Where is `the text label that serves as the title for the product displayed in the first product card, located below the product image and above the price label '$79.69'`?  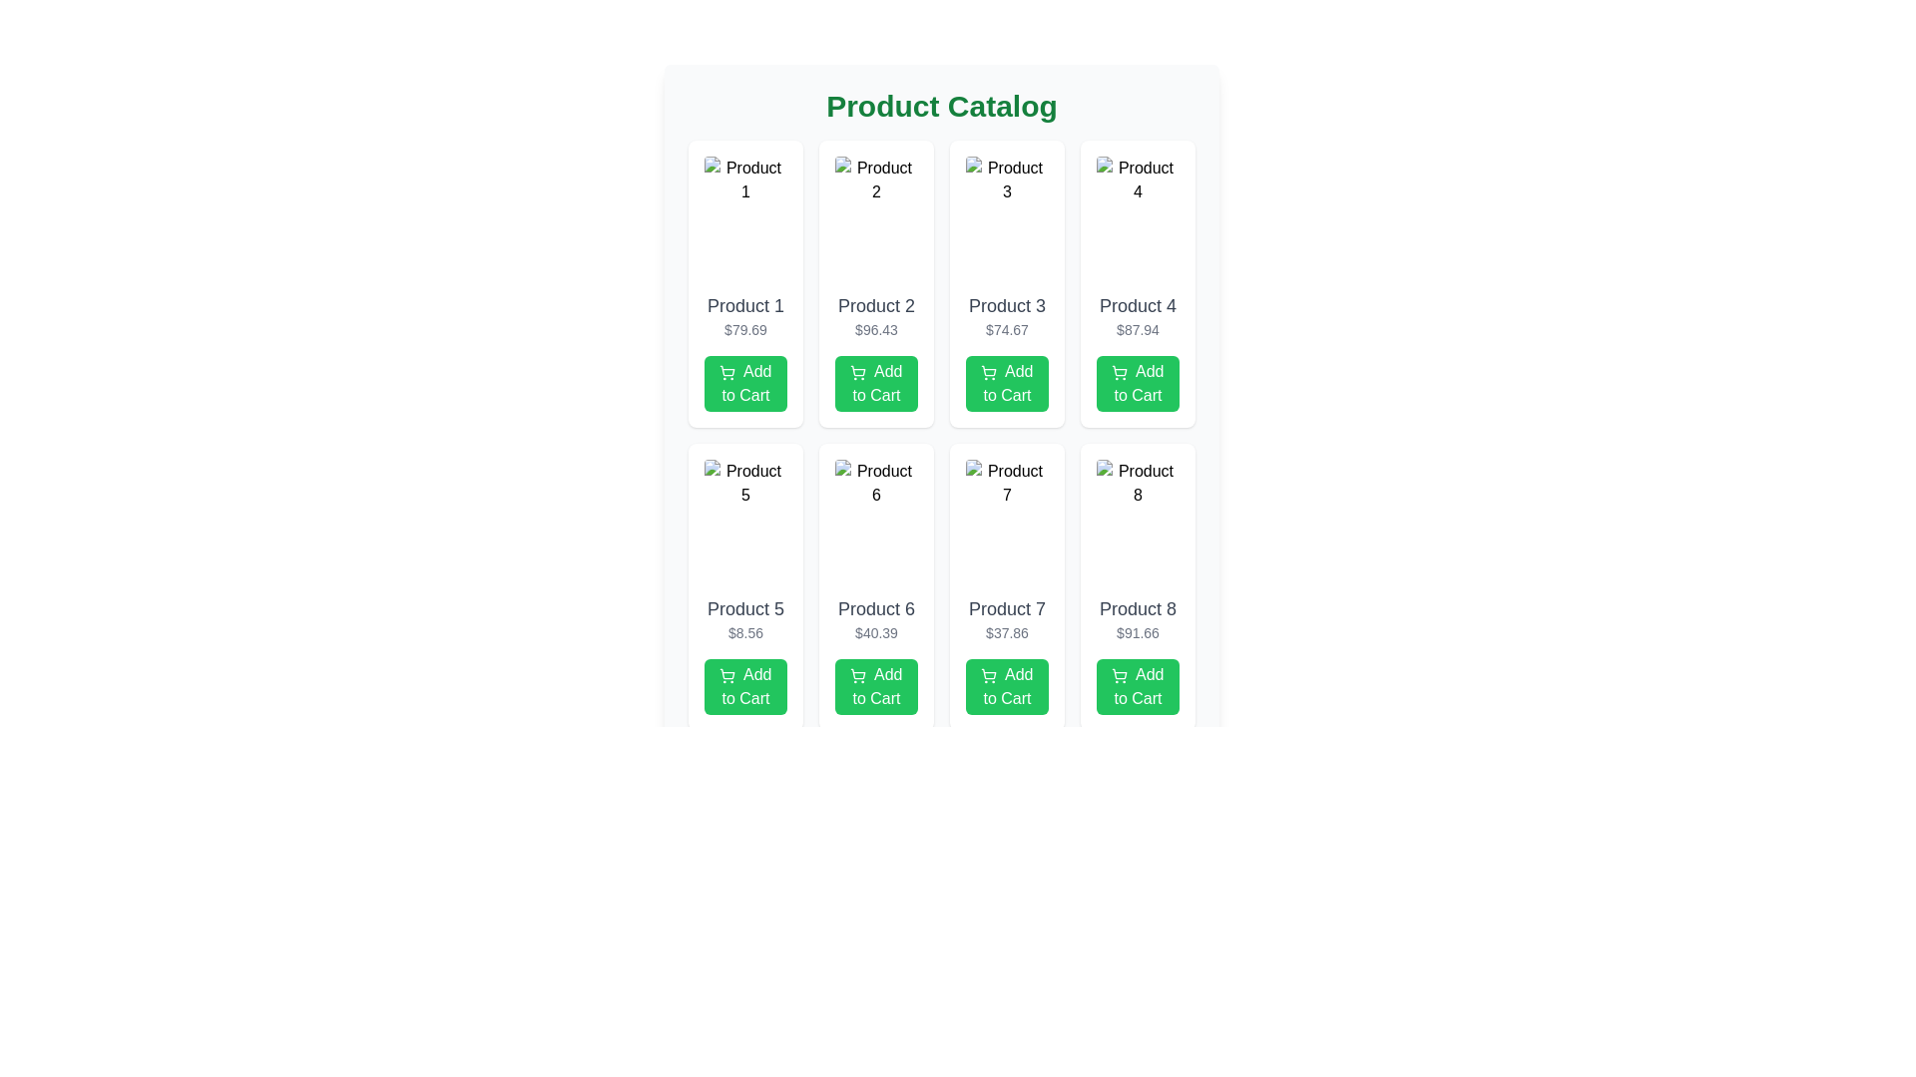
the text label that serves as the title for the product displayed in the first product card, located below the product image and above the price label '$79.69' is located at coordinates (744, 306).